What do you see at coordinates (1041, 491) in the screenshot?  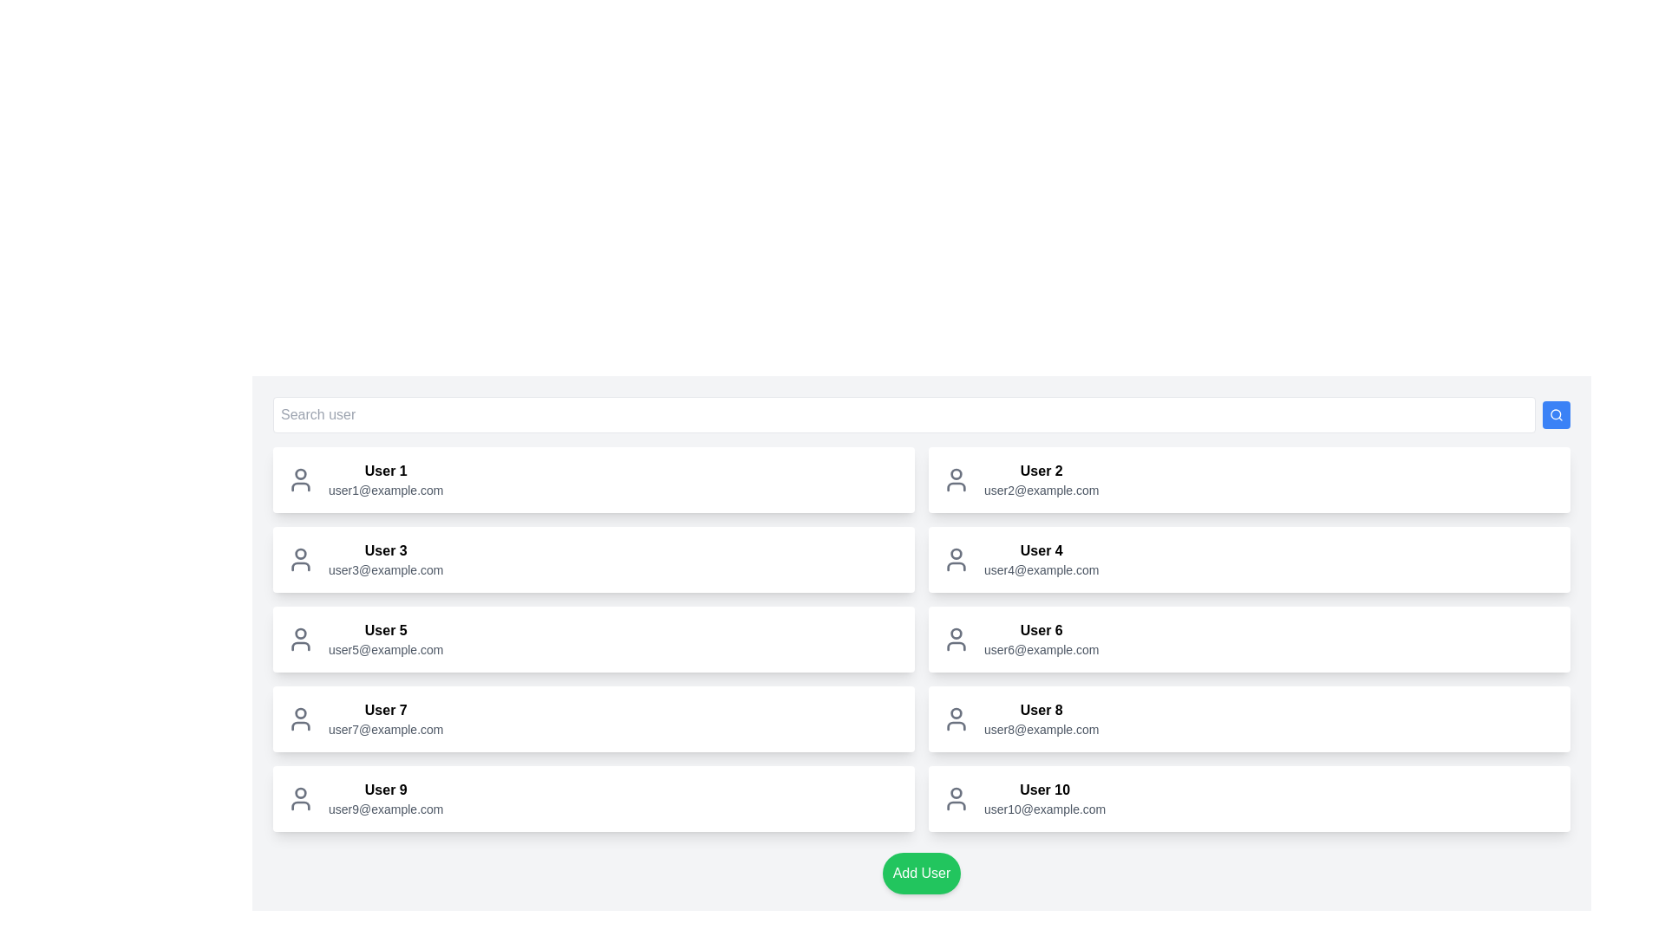 I see `the text label 'user2@example.com', which is gray and located below the bold 'User 2' label in the user information card` at bounding box center [1041, 491].